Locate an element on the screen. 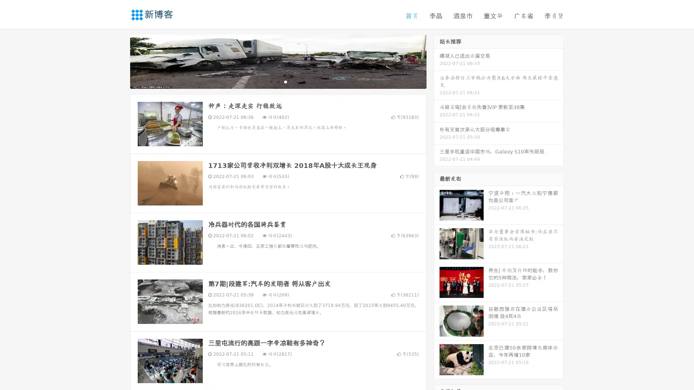  Go to slide 2 is located at coordinates (278, 81).